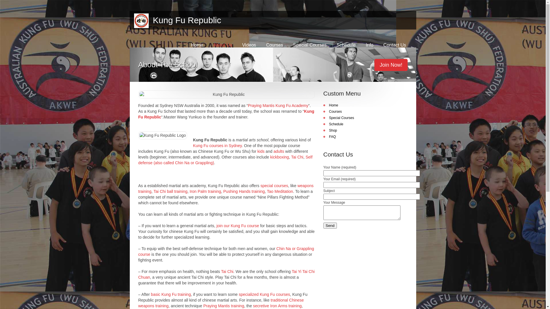  I want to click on 'specialized Kung Fu courses', so click(239, 294).